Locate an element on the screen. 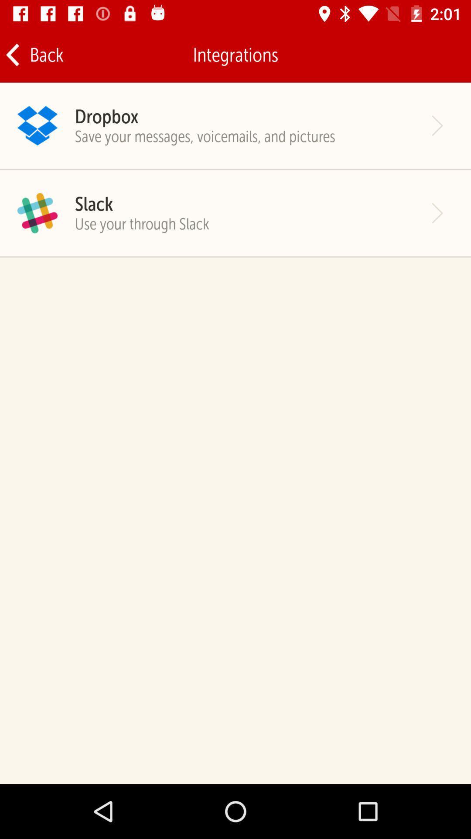 The height and width of the screenshot is (839, 471). the item next to the integrations icon is located at coordinates (34, 54).